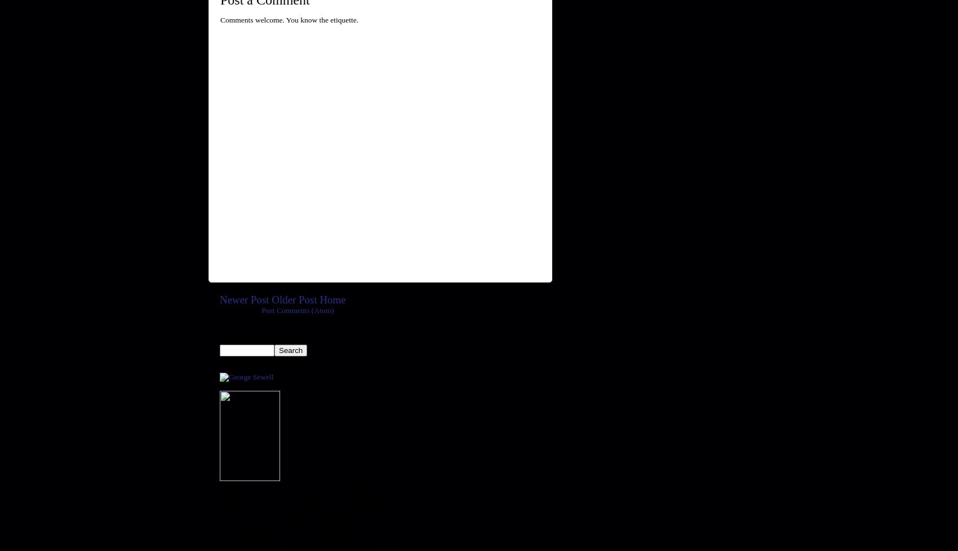 This screenshot has width=958, height=551. I want to click on 'Comments welcome.  You know the etiquette.', so click(289, 19).